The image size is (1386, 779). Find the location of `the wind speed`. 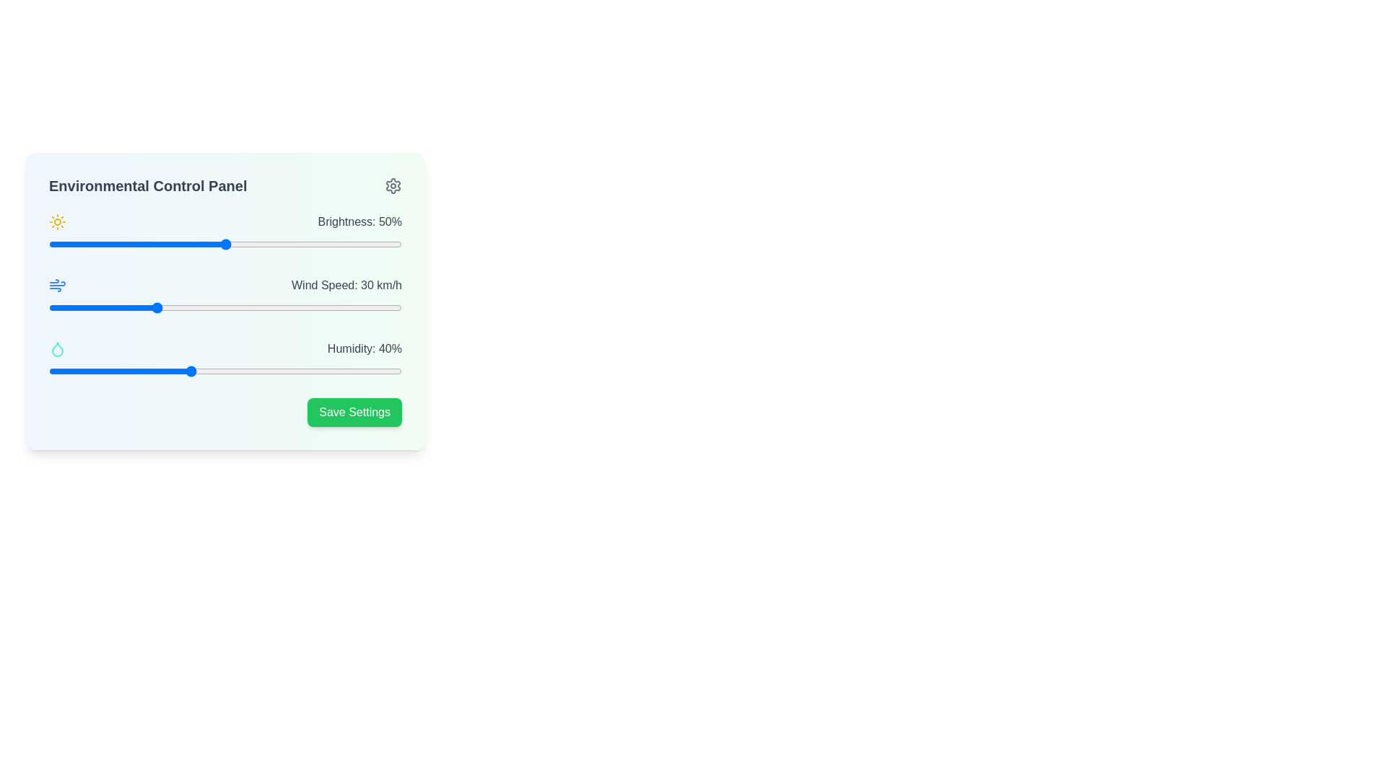

the wind speed is located at coordinates (162, 307).